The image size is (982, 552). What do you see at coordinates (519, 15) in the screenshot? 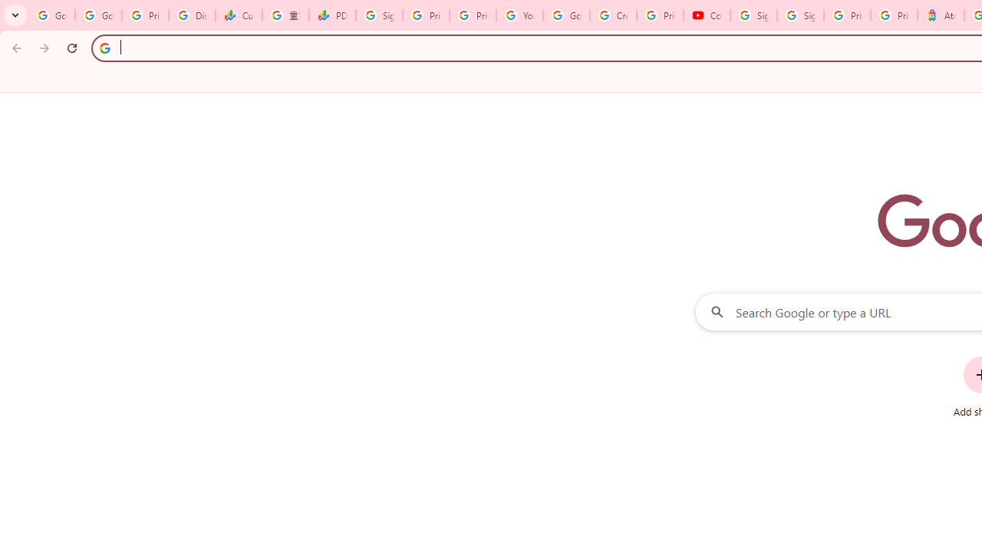
I see `'YouTube'` at bounding box center [519, 15].